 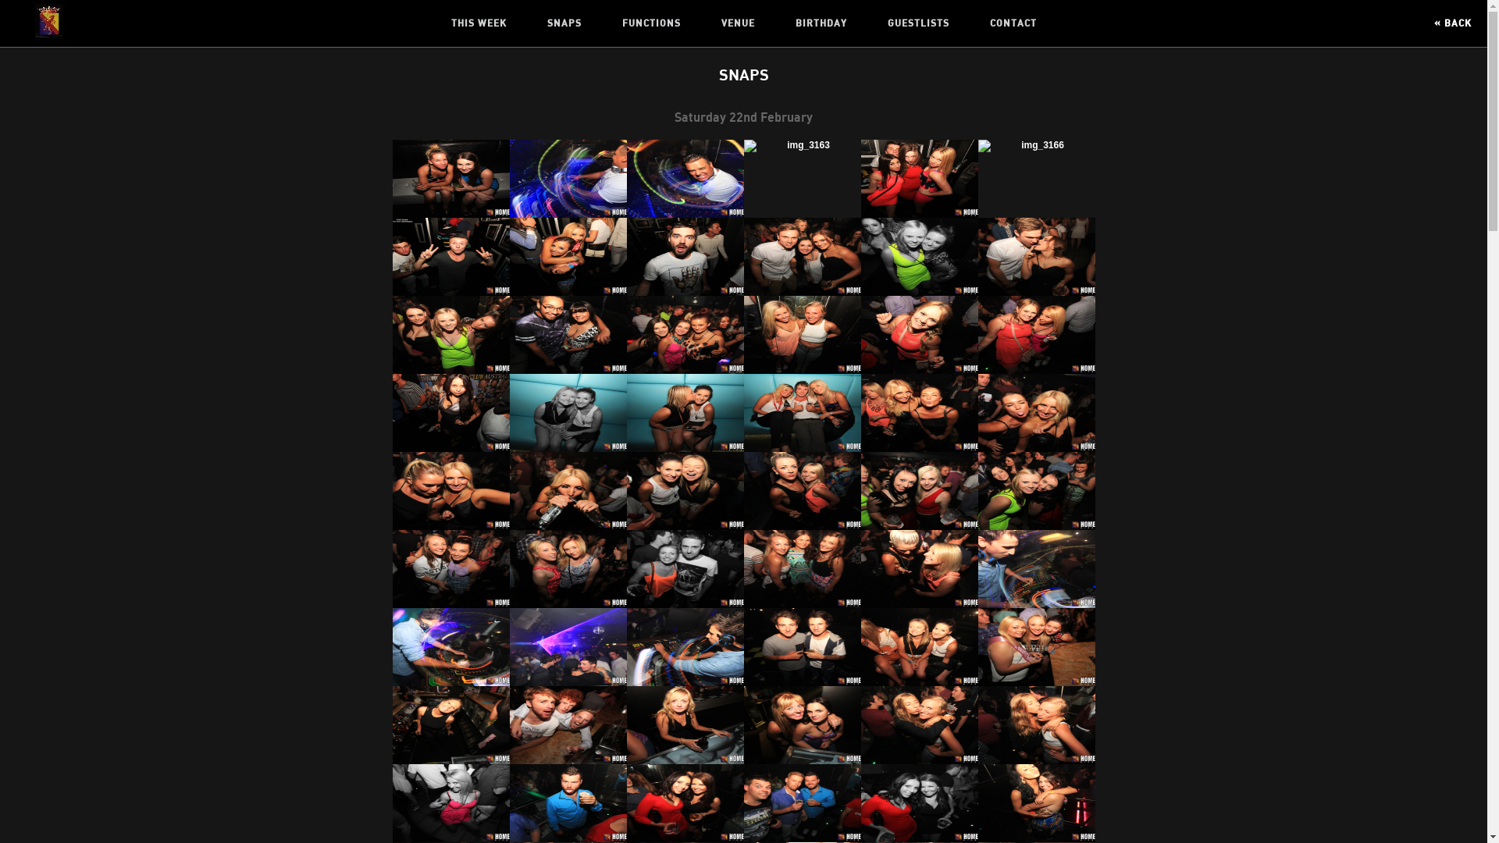 I want to click on ' ', so click(x=1035, y=569).